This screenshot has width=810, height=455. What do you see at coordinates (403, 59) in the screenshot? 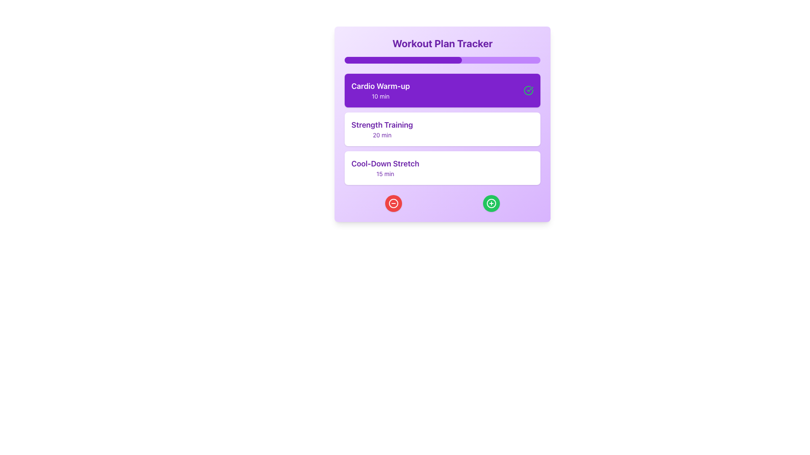
I see `the progress indicator that is a rectangular element filled 60% with a purple bar, located centrally at the top of the interface below the title 'Workout Plan Tracker'` at bounding box center [403, 59].